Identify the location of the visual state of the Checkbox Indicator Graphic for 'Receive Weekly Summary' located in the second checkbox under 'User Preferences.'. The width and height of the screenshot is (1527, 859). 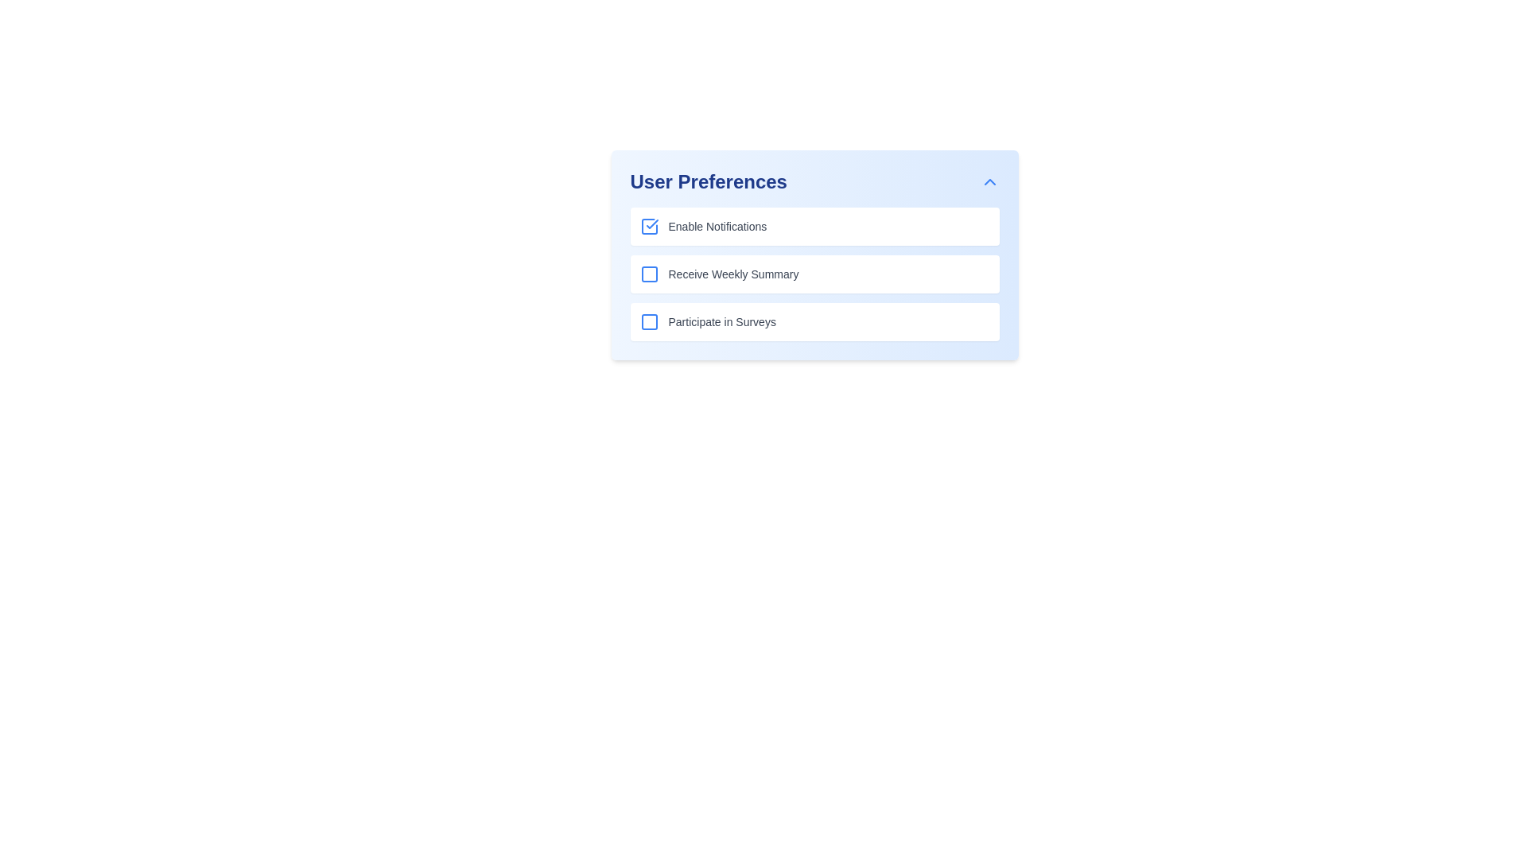
(649, 273).